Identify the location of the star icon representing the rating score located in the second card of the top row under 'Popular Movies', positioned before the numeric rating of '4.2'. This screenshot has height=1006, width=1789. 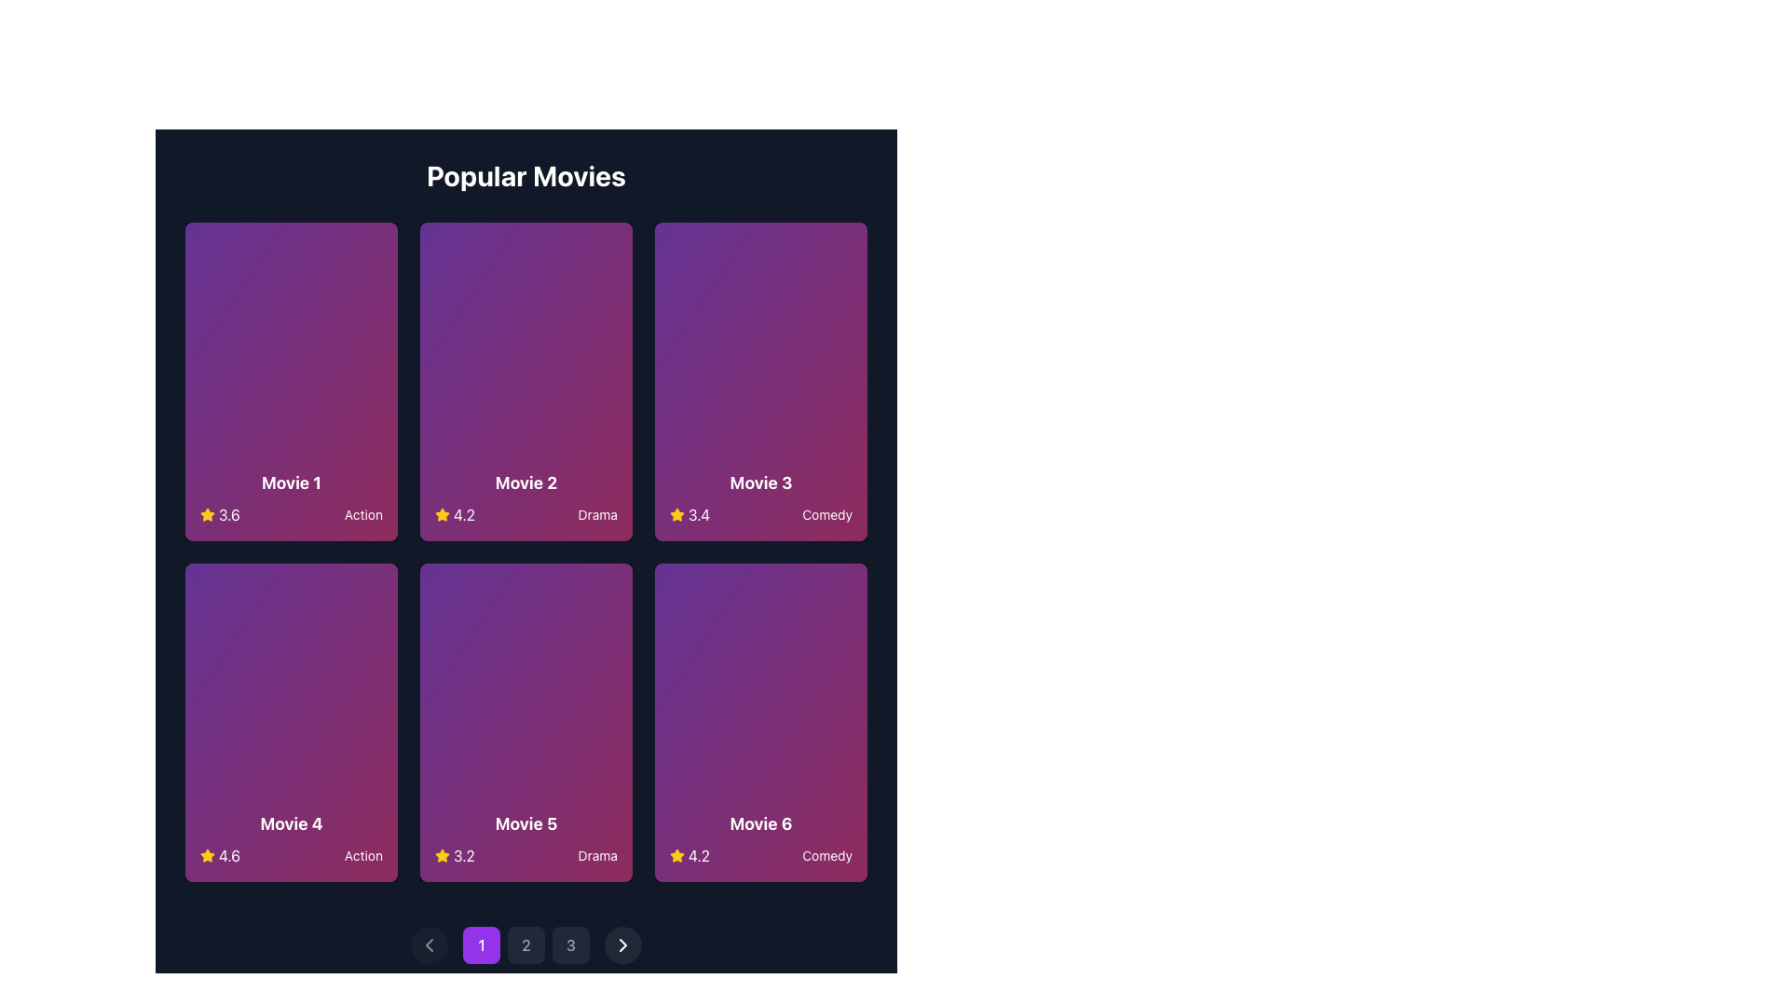
(442, 514).